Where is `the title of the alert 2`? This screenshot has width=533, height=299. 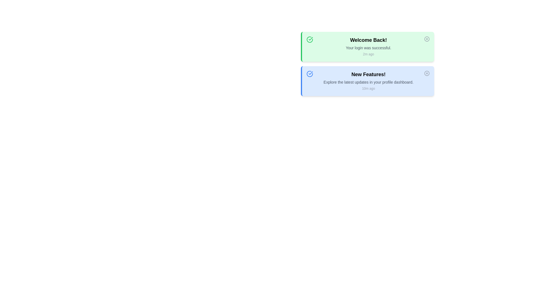
the title of the alert 2 is located at coordinates (368, 74).